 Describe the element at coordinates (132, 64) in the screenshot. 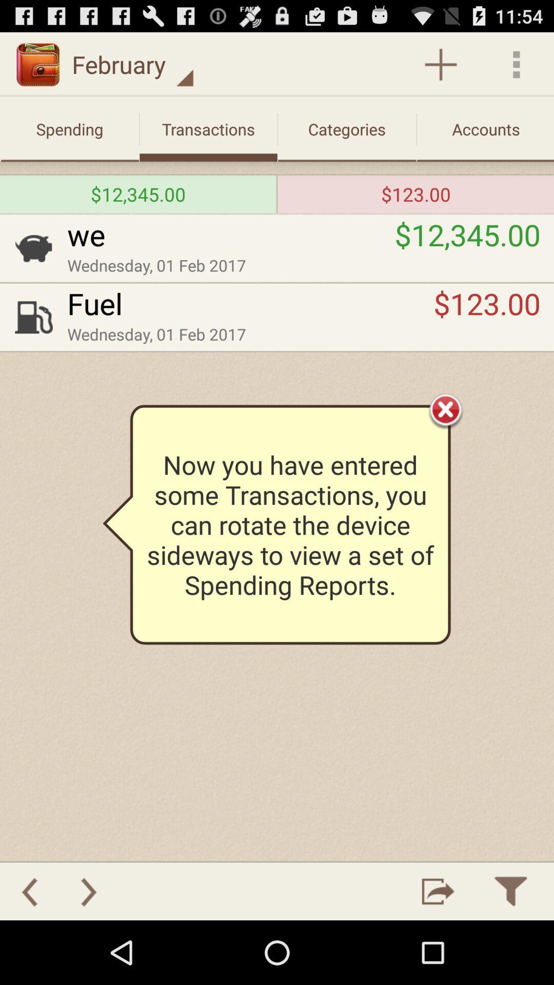

I see `the february button` at that location.